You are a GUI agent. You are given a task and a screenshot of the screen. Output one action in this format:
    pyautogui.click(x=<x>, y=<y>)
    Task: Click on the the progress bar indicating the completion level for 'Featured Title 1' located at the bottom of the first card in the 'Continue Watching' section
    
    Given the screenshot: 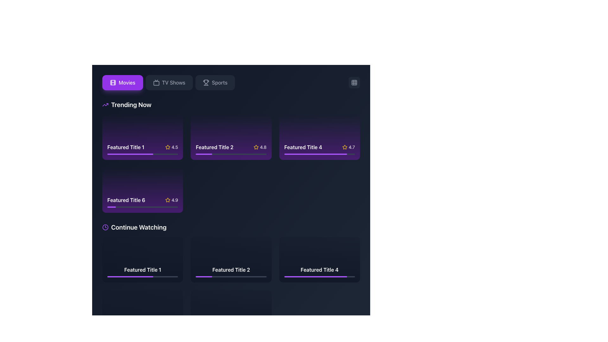 What is the action you would take?
    pyautogui.click(x=142, y=271)
    